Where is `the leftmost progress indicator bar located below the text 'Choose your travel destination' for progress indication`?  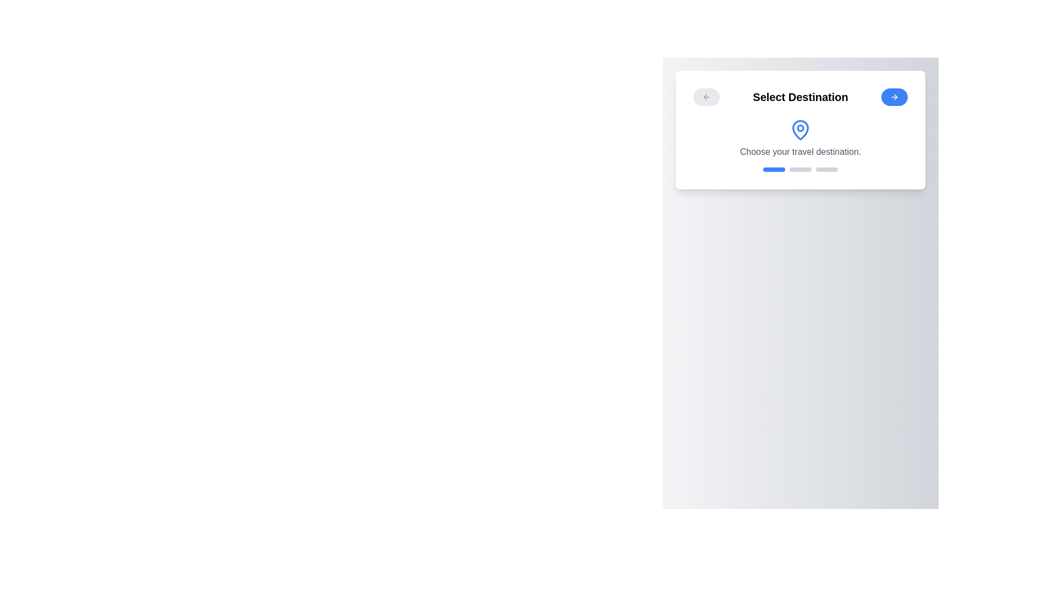 the leftmost progress indicator bar located below the text 'Choose your travel destination' for progress indication is located at coordinates (774, 169).